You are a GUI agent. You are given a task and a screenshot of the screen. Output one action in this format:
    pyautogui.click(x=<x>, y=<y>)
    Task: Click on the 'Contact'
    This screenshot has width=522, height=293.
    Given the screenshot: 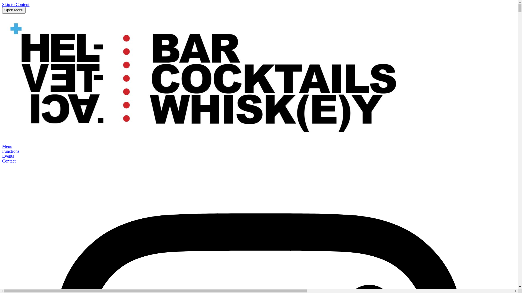 What is the action you would take?
    pyautogui.click(x=9, y=161)
    